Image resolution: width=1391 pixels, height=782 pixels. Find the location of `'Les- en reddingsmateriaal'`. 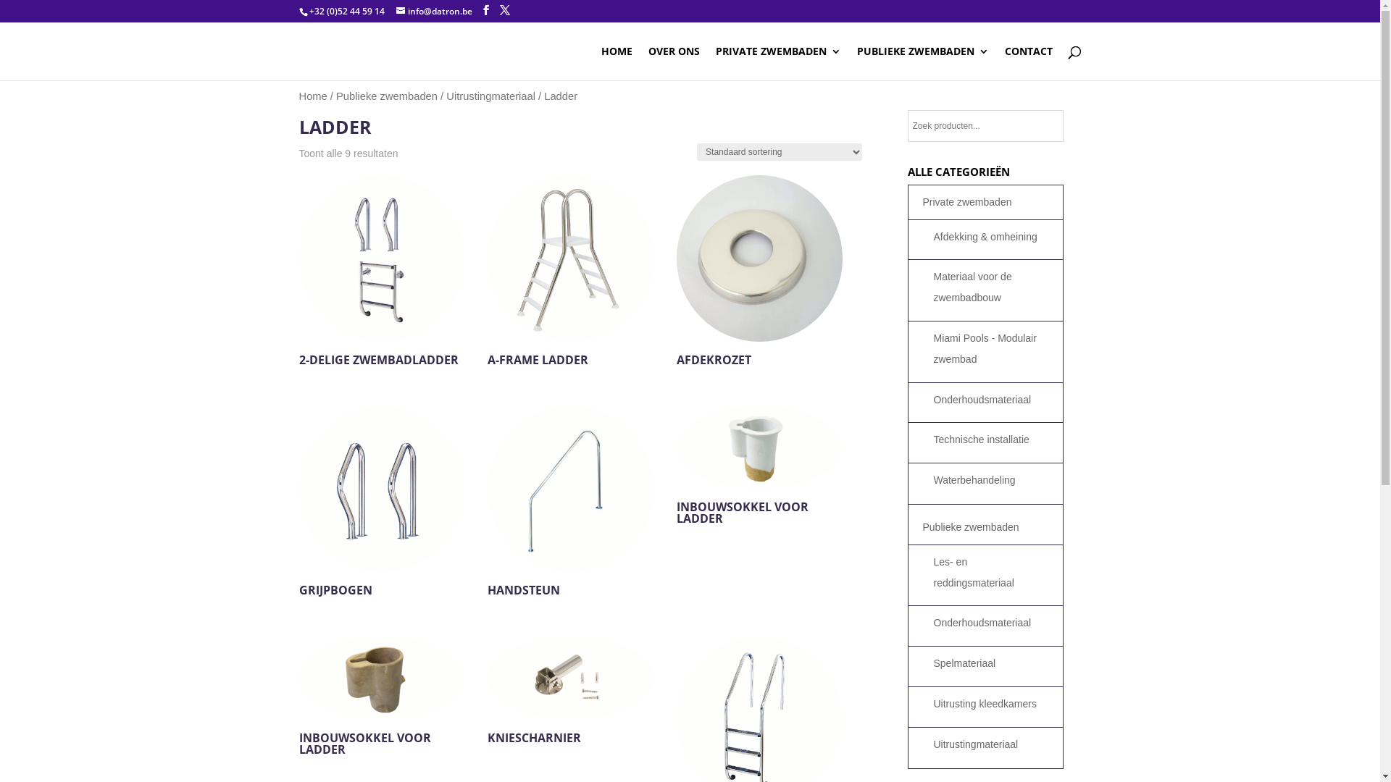

'Les- en reddingsmateriaal' is located at coordinates (990, 571).